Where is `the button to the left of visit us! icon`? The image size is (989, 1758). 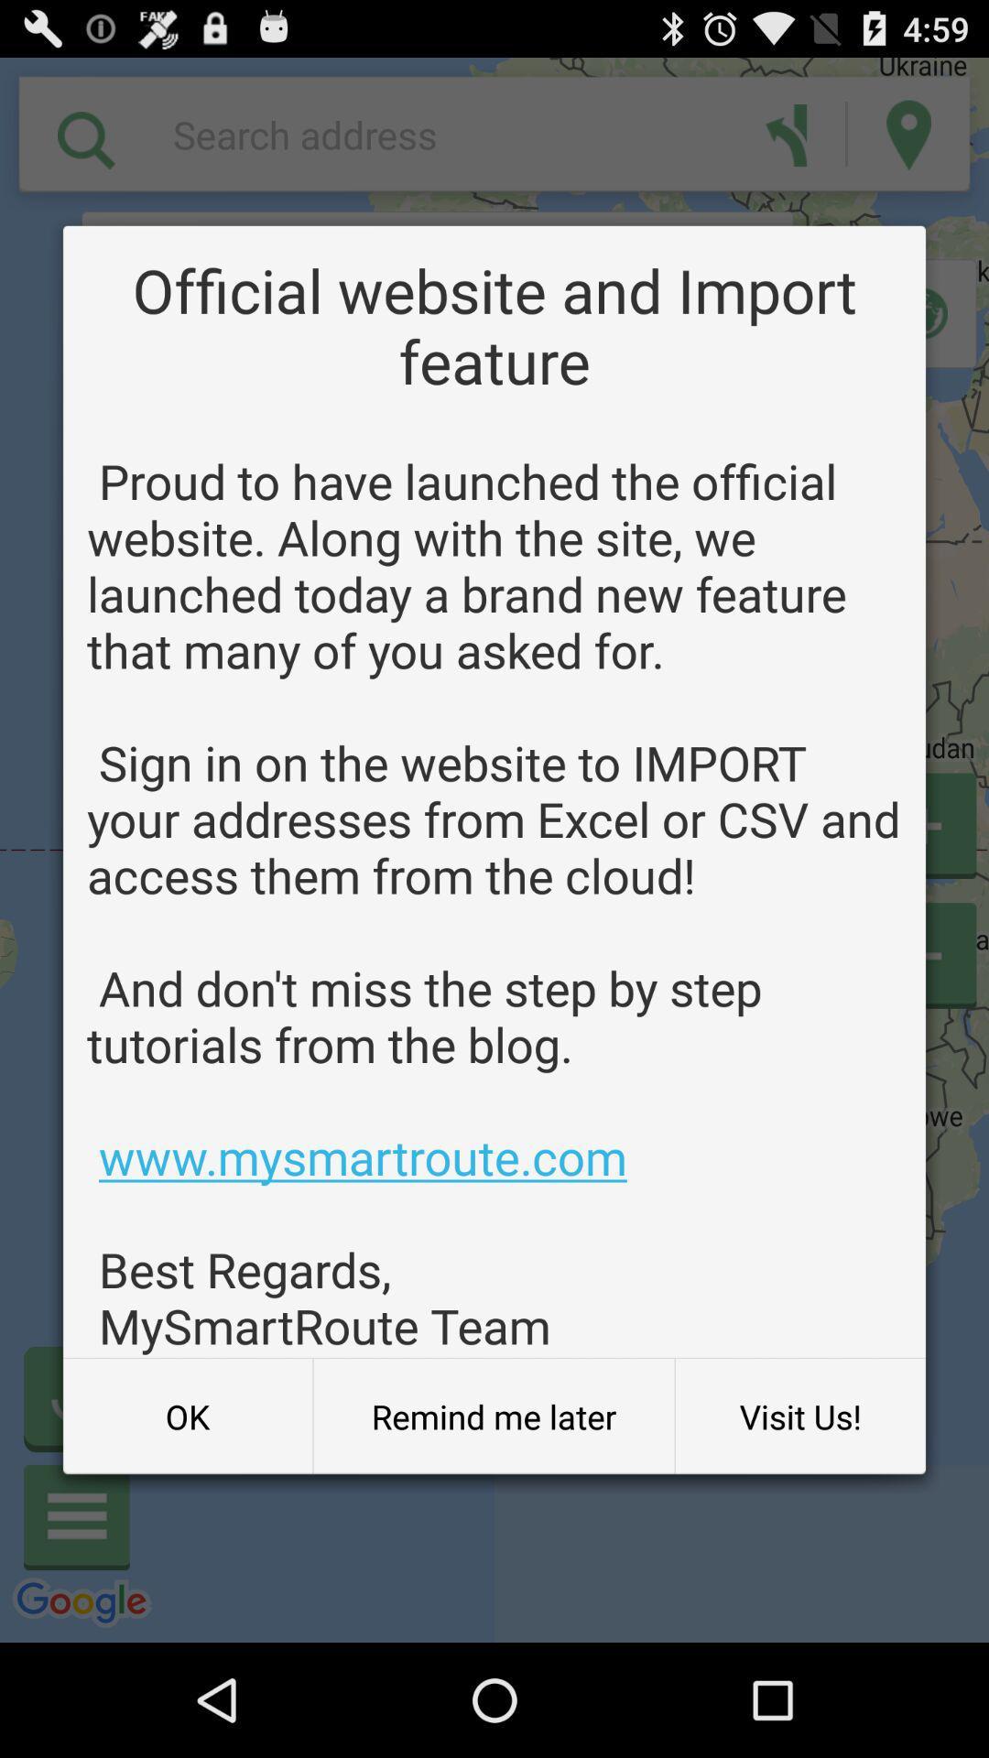 the button to the left of visit us! icon is located at coordinates (493, 1416).